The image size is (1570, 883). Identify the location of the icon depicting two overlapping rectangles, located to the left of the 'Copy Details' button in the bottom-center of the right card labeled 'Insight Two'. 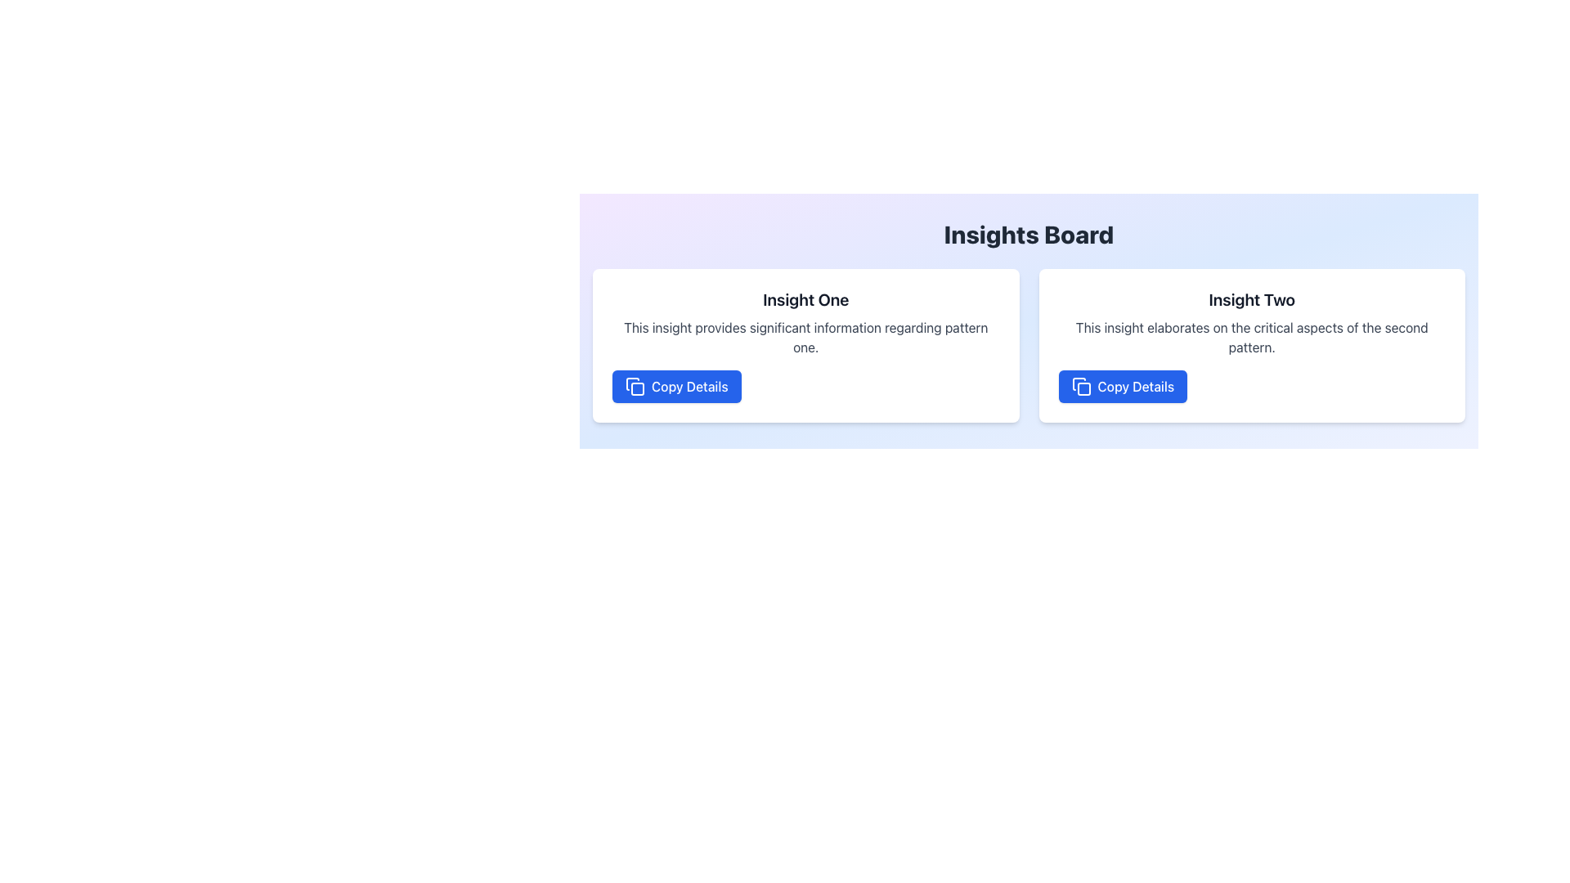
(1081, 387).